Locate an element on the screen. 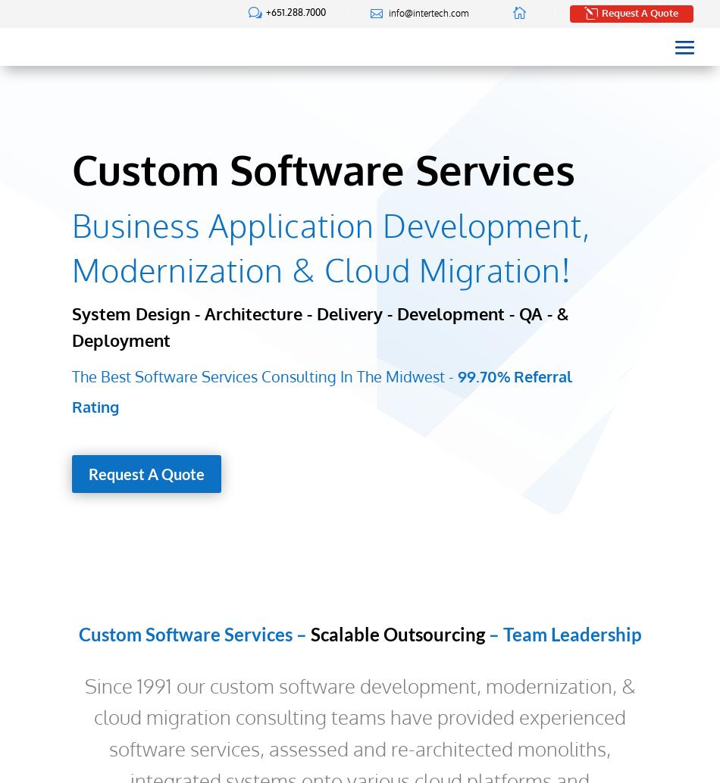  '99.70% Referral Rating' is located at coordinates (321, 391).